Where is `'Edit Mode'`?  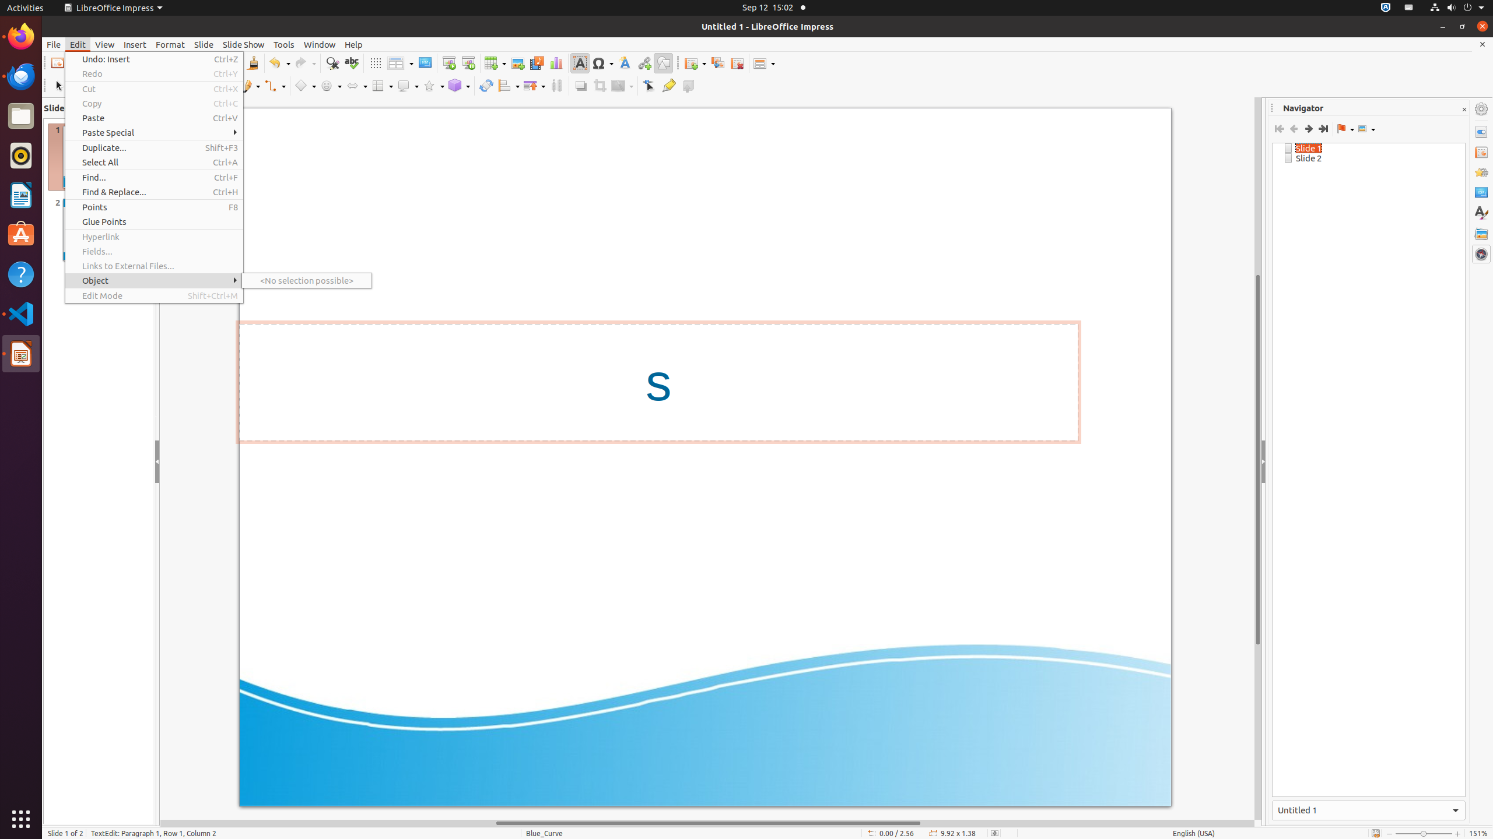 'Edit Mode' is located at coordinates (154, 295).